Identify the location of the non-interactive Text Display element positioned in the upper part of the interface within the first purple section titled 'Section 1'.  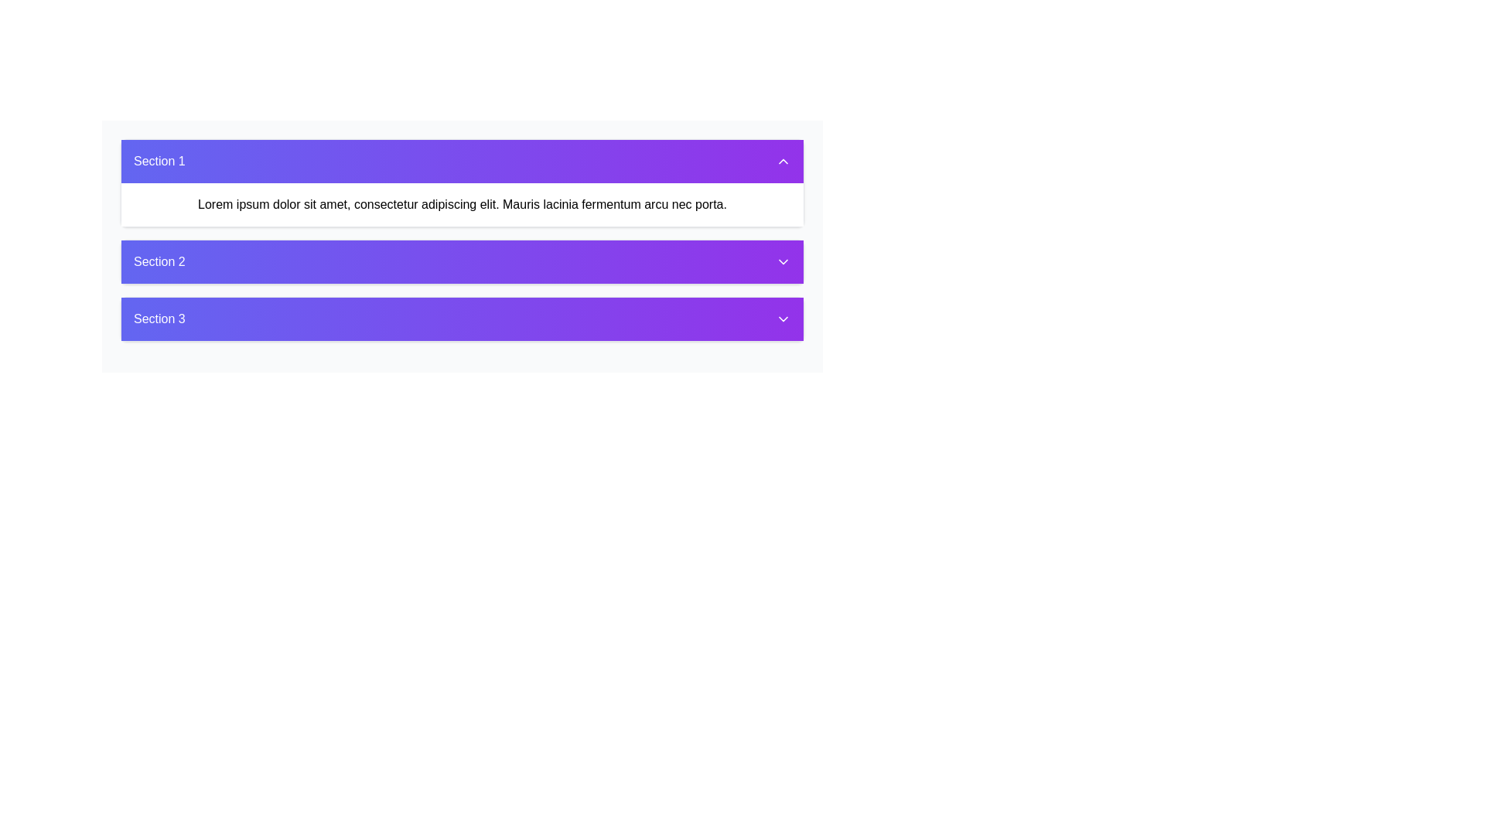
(462, 204).